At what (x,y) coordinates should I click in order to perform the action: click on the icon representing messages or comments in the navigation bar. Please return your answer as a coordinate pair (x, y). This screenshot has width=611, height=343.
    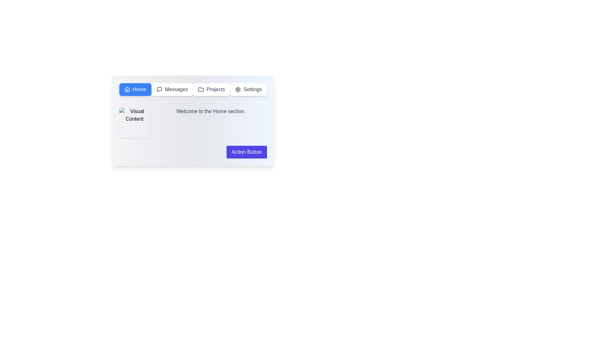
    Looking at the image, I should click on (159, 89).